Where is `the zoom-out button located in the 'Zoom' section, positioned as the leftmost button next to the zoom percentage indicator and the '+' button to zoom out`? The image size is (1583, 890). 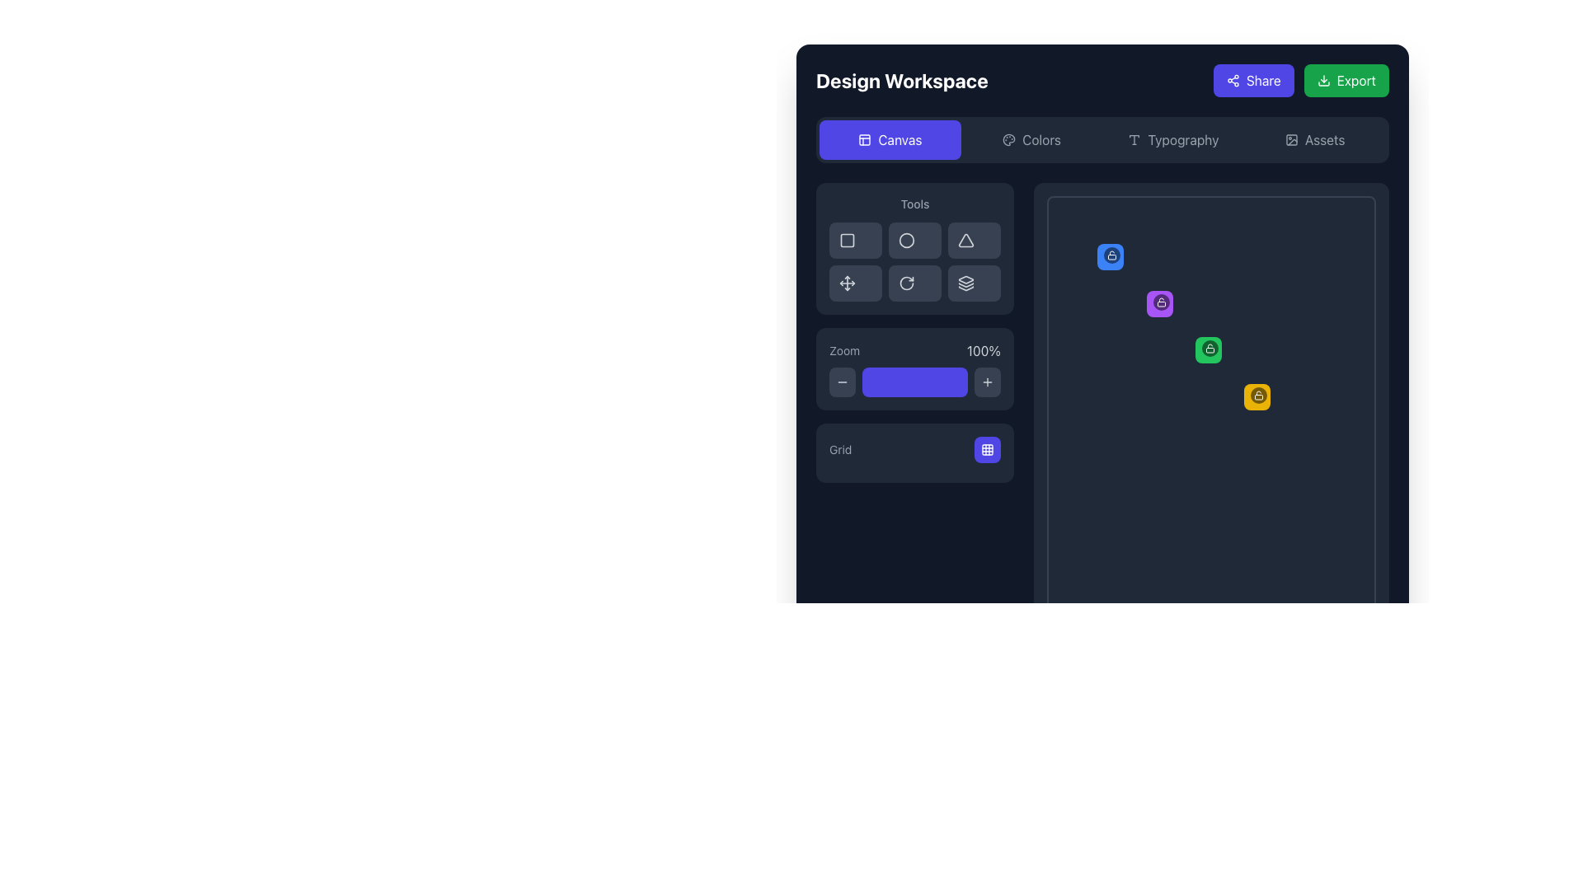
the zoom-out button located in the 'Zoom' section, positioned as the leftmost button next to the zoom percentage indicator and the '+' button to zoom out is located at coordinates (843, 382).